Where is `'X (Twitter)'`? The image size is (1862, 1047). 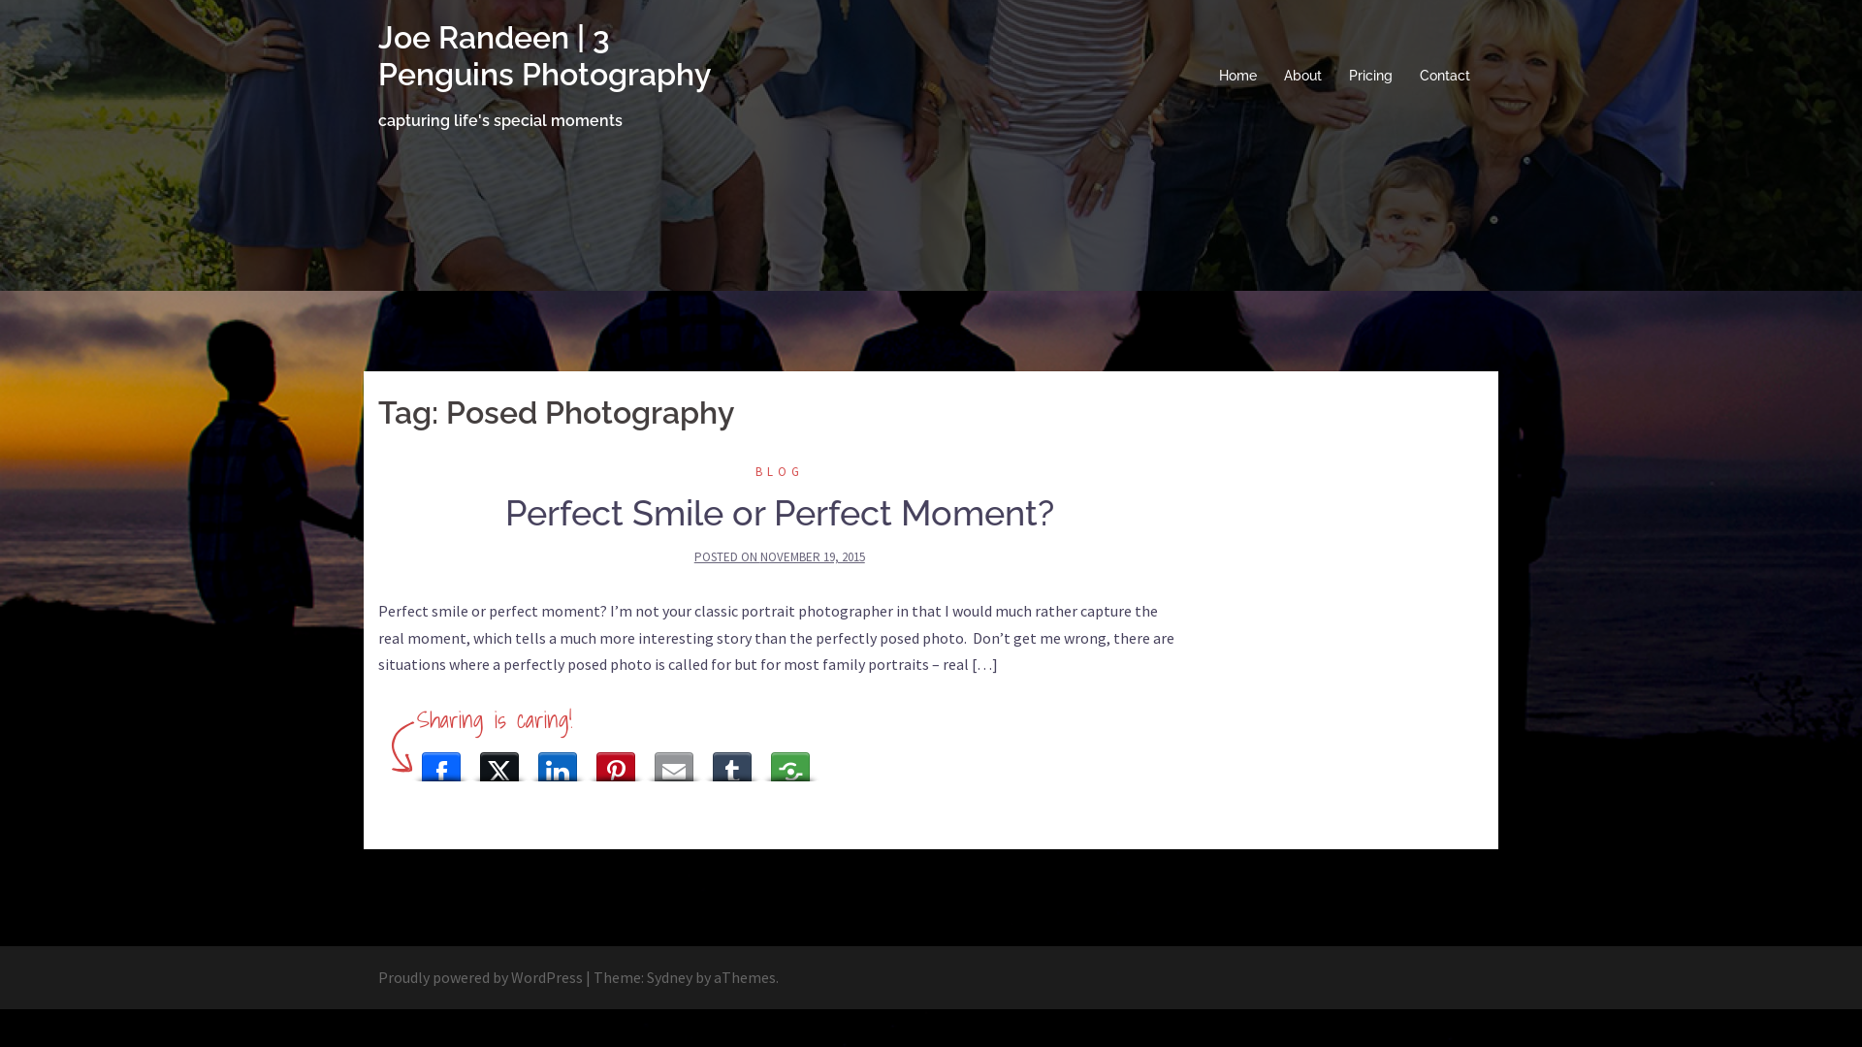 'X (Twitter)' is located at coordinates (498, 761).